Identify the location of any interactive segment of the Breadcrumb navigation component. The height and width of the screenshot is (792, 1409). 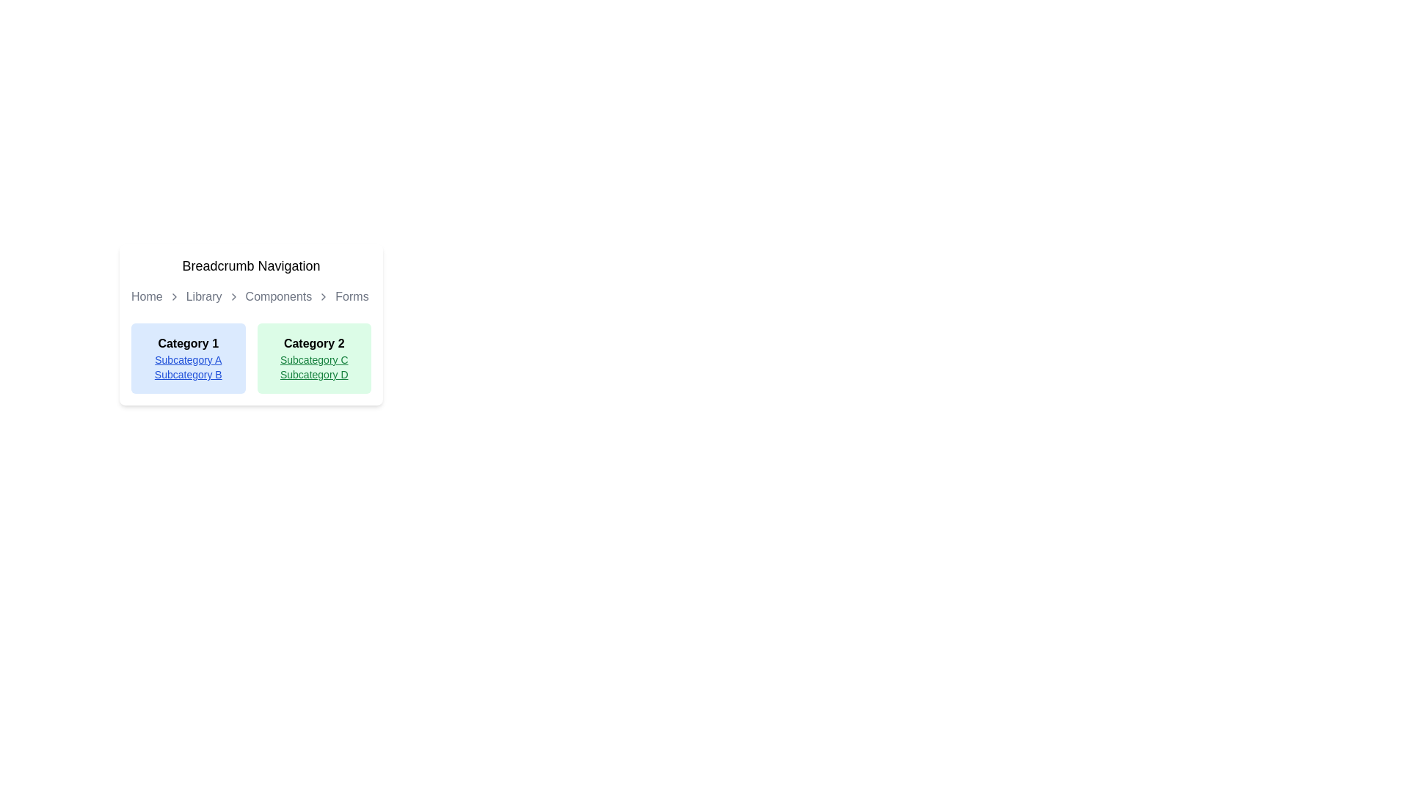
(251, 297).